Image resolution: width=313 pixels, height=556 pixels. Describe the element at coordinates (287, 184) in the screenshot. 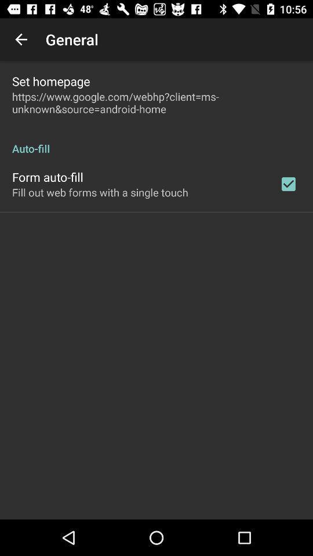

I see `the item to the right of fill out web` at that location.